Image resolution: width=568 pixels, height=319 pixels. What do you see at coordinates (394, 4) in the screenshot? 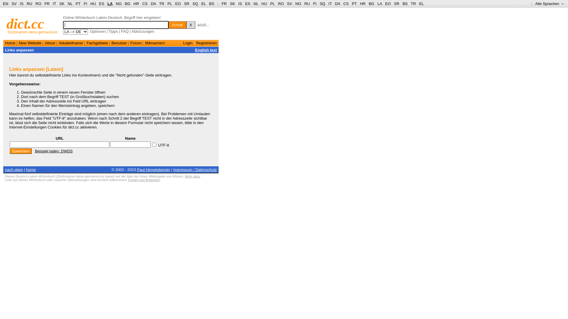
I see `'SR'` at bounding box center [394, 4].